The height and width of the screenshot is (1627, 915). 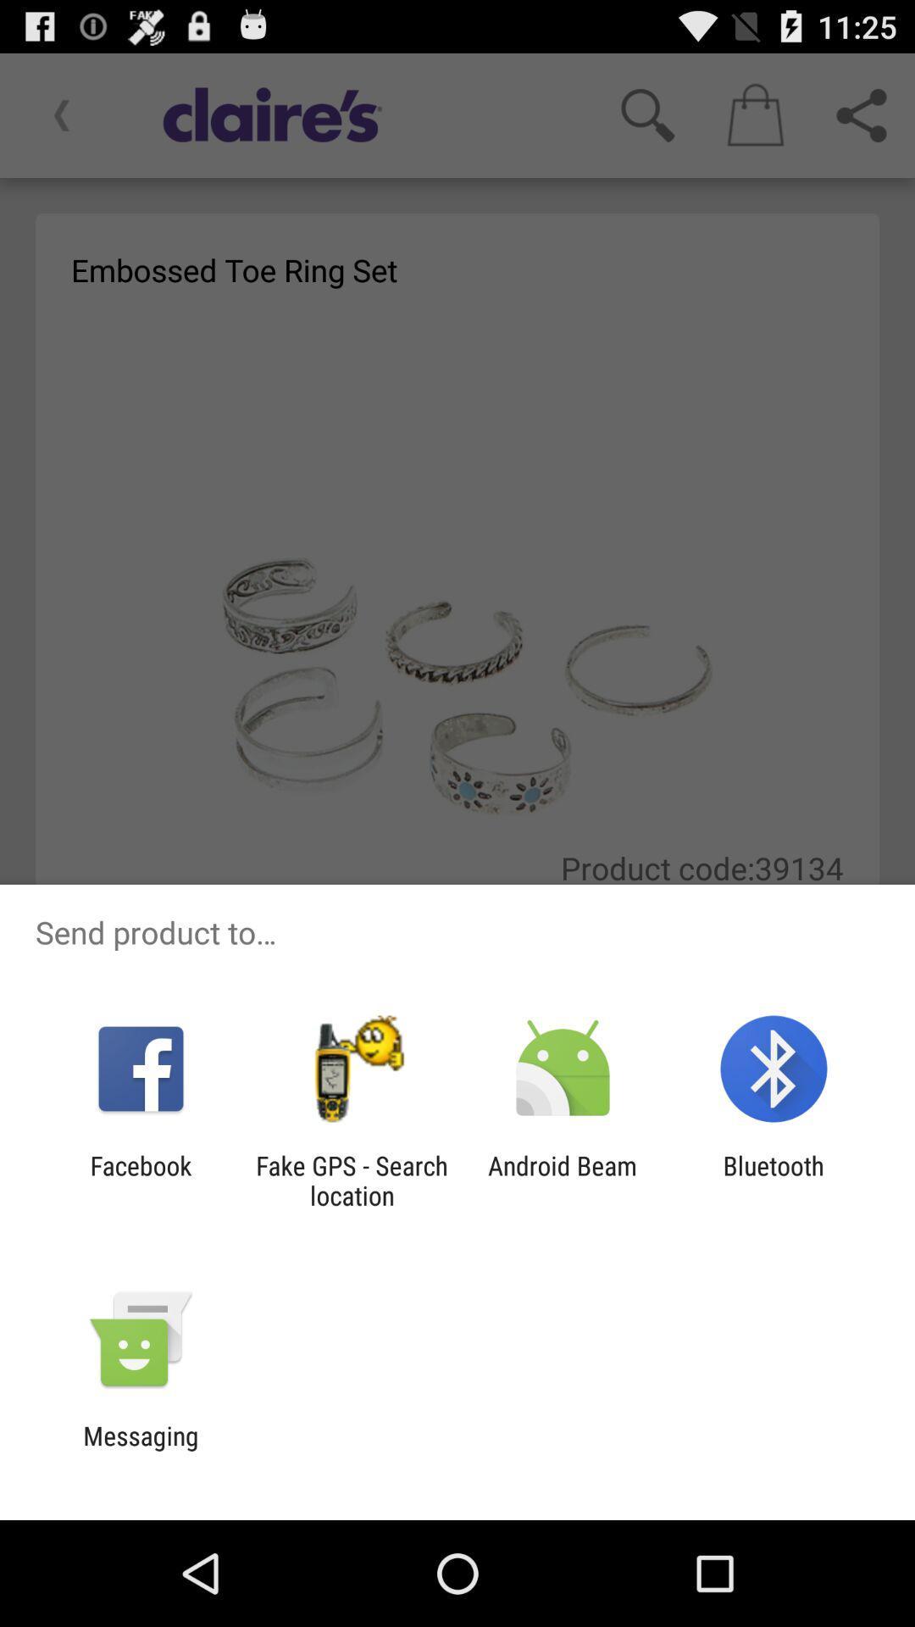 What do you see at coordinates (563, 1180) in the screenshot?
I see `item next to fake gps search app` at bounding box center [563, 1180].